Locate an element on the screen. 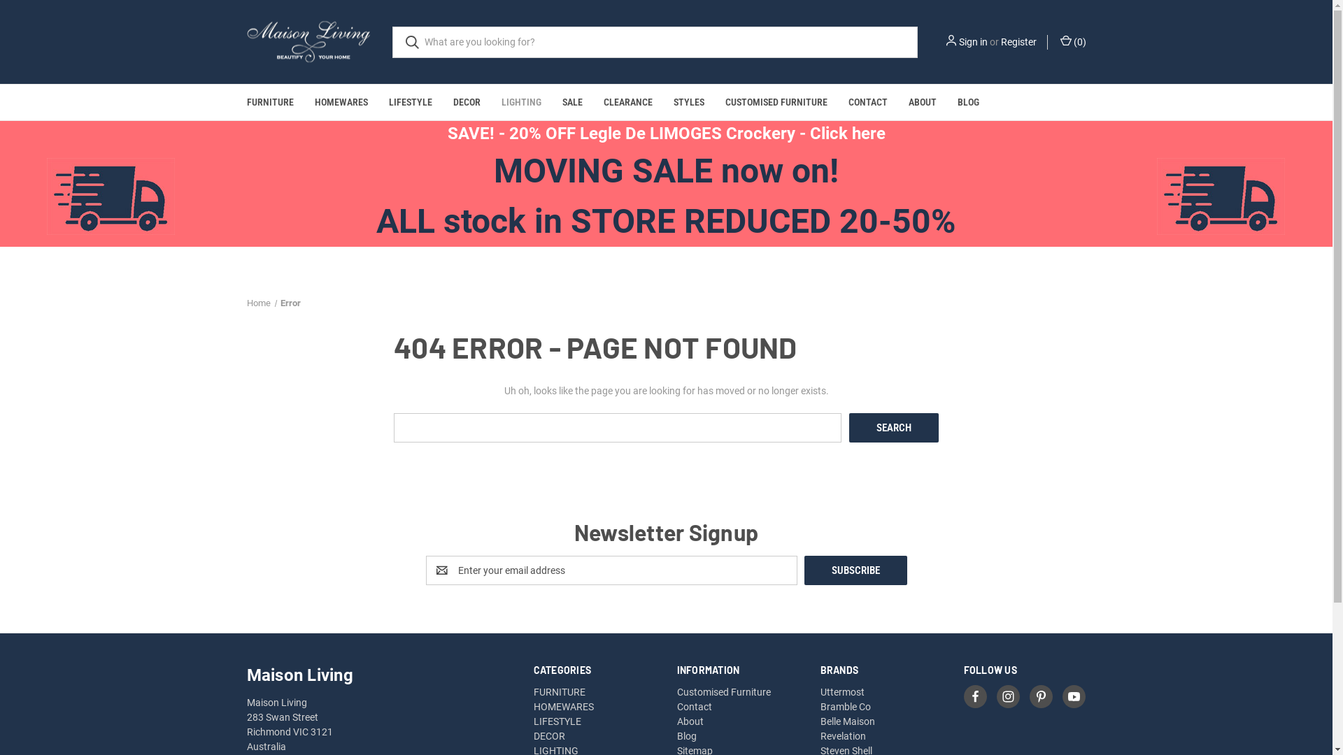 This screenshot has height=755, width=1343. '(0)' is located at coordinates (1070, 41).